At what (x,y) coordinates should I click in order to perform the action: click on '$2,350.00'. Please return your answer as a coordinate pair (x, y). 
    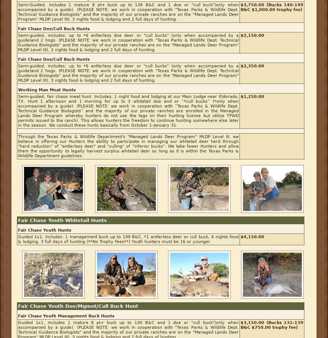
    Looking at the image, I should click on (240, 66).